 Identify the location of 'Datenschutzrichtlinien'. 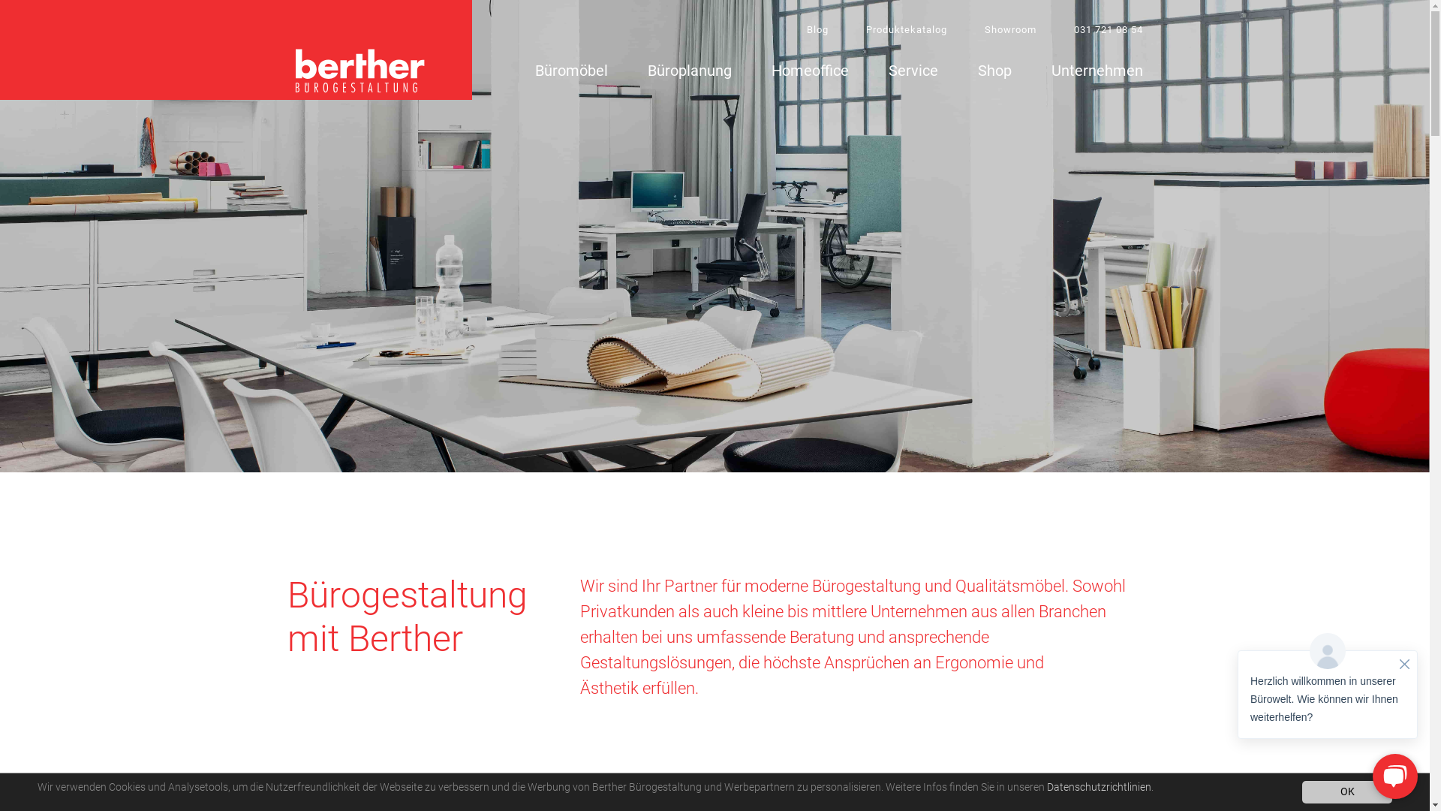
(1098, 786).